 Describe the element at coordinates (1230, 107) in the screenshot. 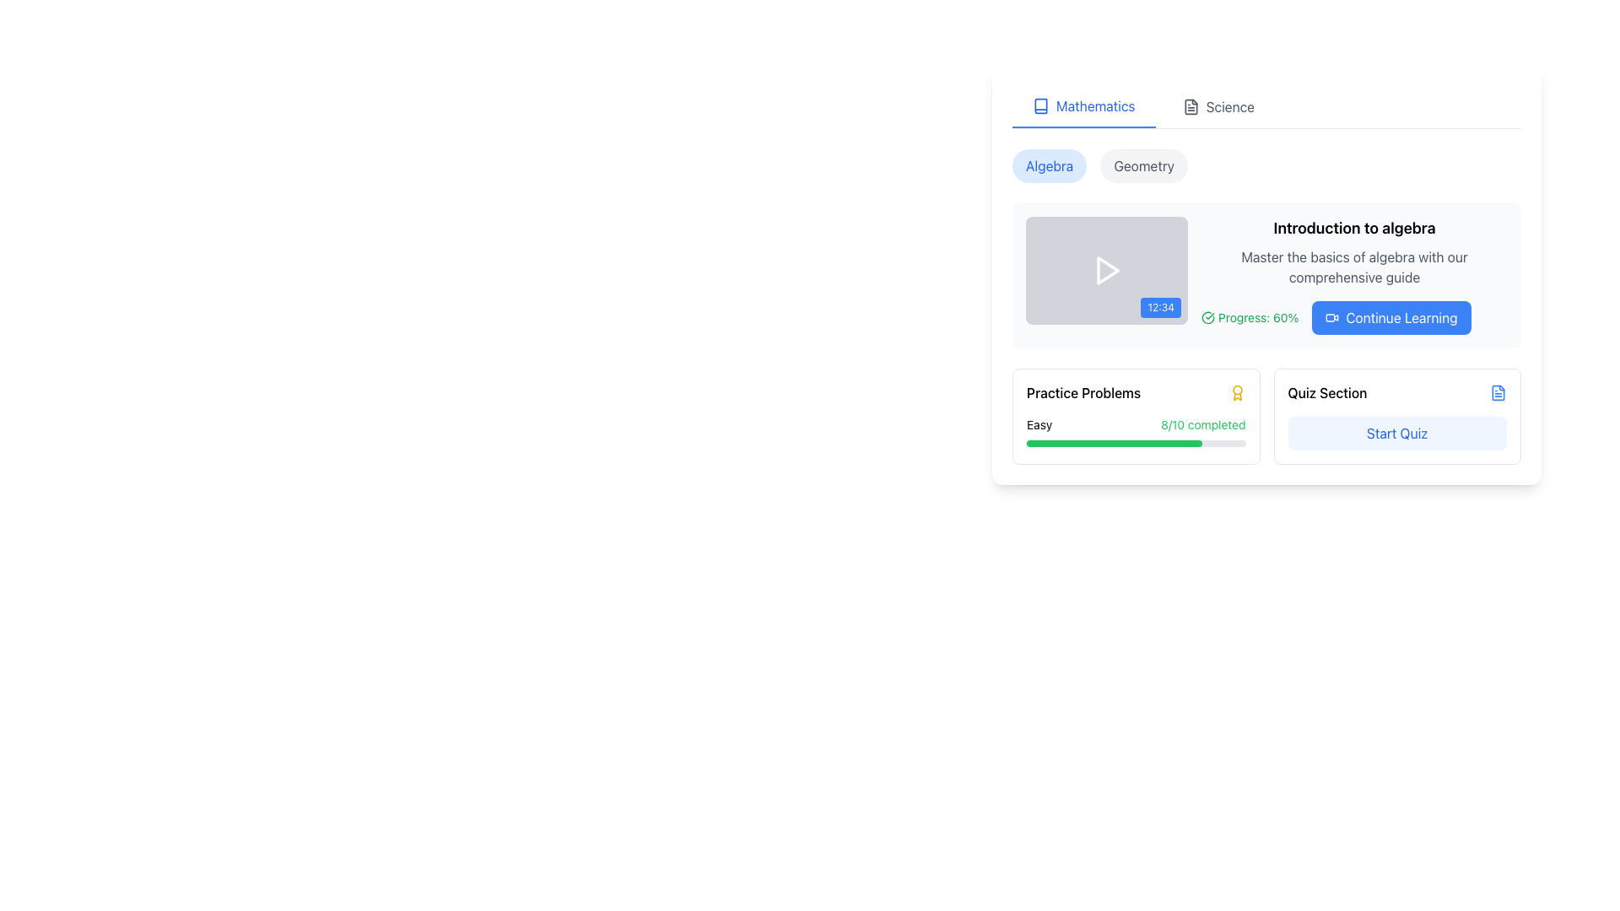

I see `the 'Science' text label located in the upper-right corner of the layout, positioned to the right of the 'Mathematics' label` at that location.